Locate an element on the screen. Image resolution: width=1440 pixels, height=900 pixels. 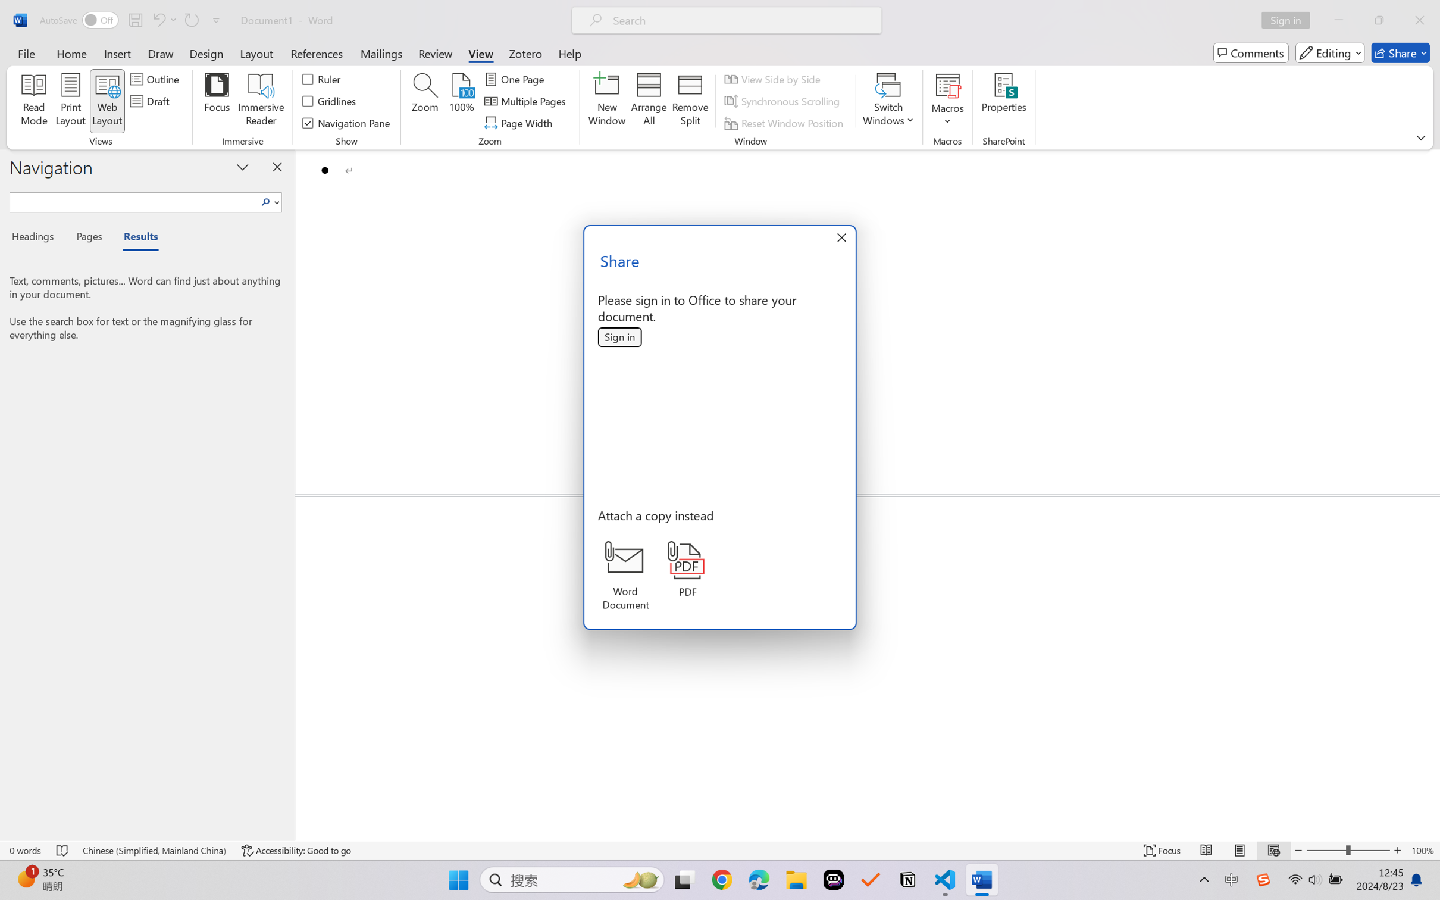
'One Page' is located at coordinates (515, 78).